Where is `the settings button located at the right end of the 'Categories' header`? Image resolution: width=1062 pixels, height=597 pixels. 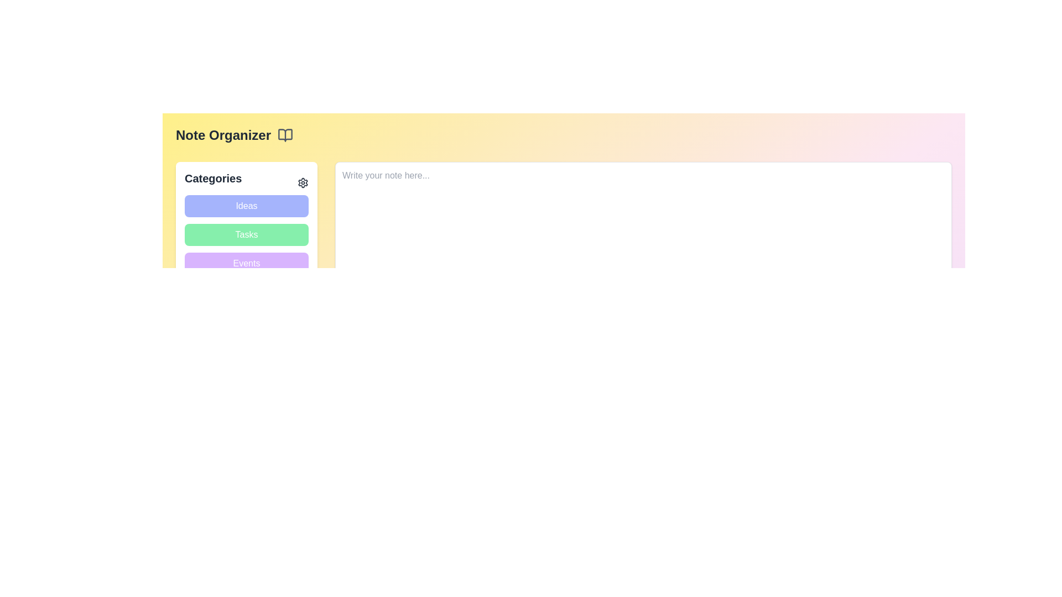
the settings button located at the right end of the 'Categories' header is located at coordinates (303, 182).